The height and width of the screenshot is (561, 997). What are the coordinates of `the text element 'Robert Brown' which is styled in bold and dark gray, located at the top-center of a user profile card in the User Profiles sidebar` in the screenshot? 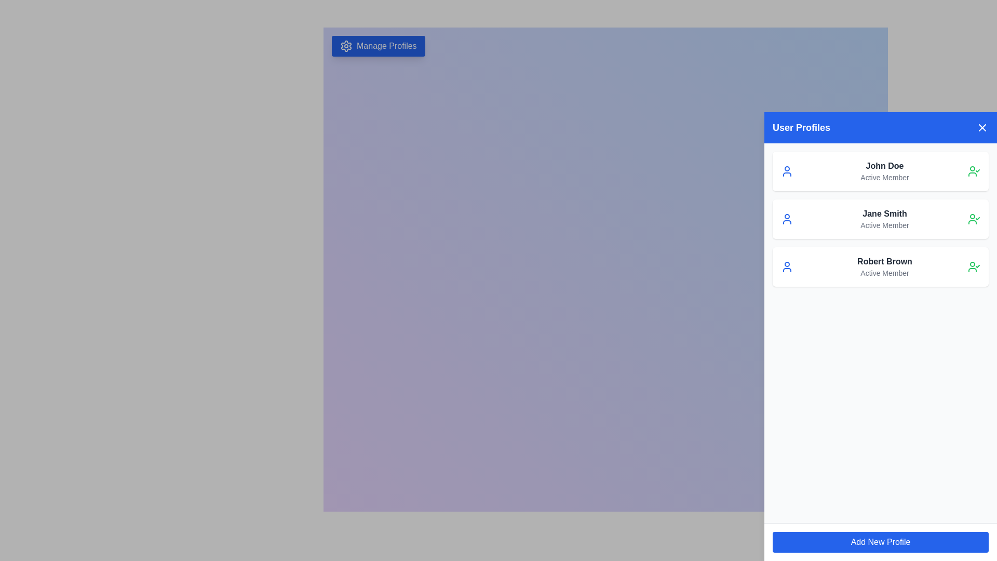 It's located at (884, 261).